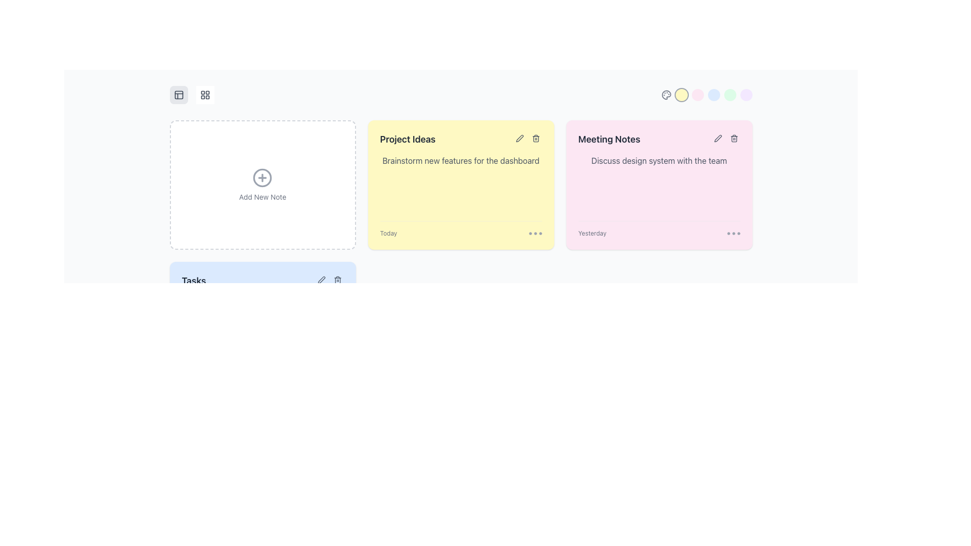 This screenshot has width=971, height=546. What do you see at coordinates (204, 95) in the screenshot?
I see `the grid layout view toggle button located in the top-left region of the interface` at bounding box center [204, 95].